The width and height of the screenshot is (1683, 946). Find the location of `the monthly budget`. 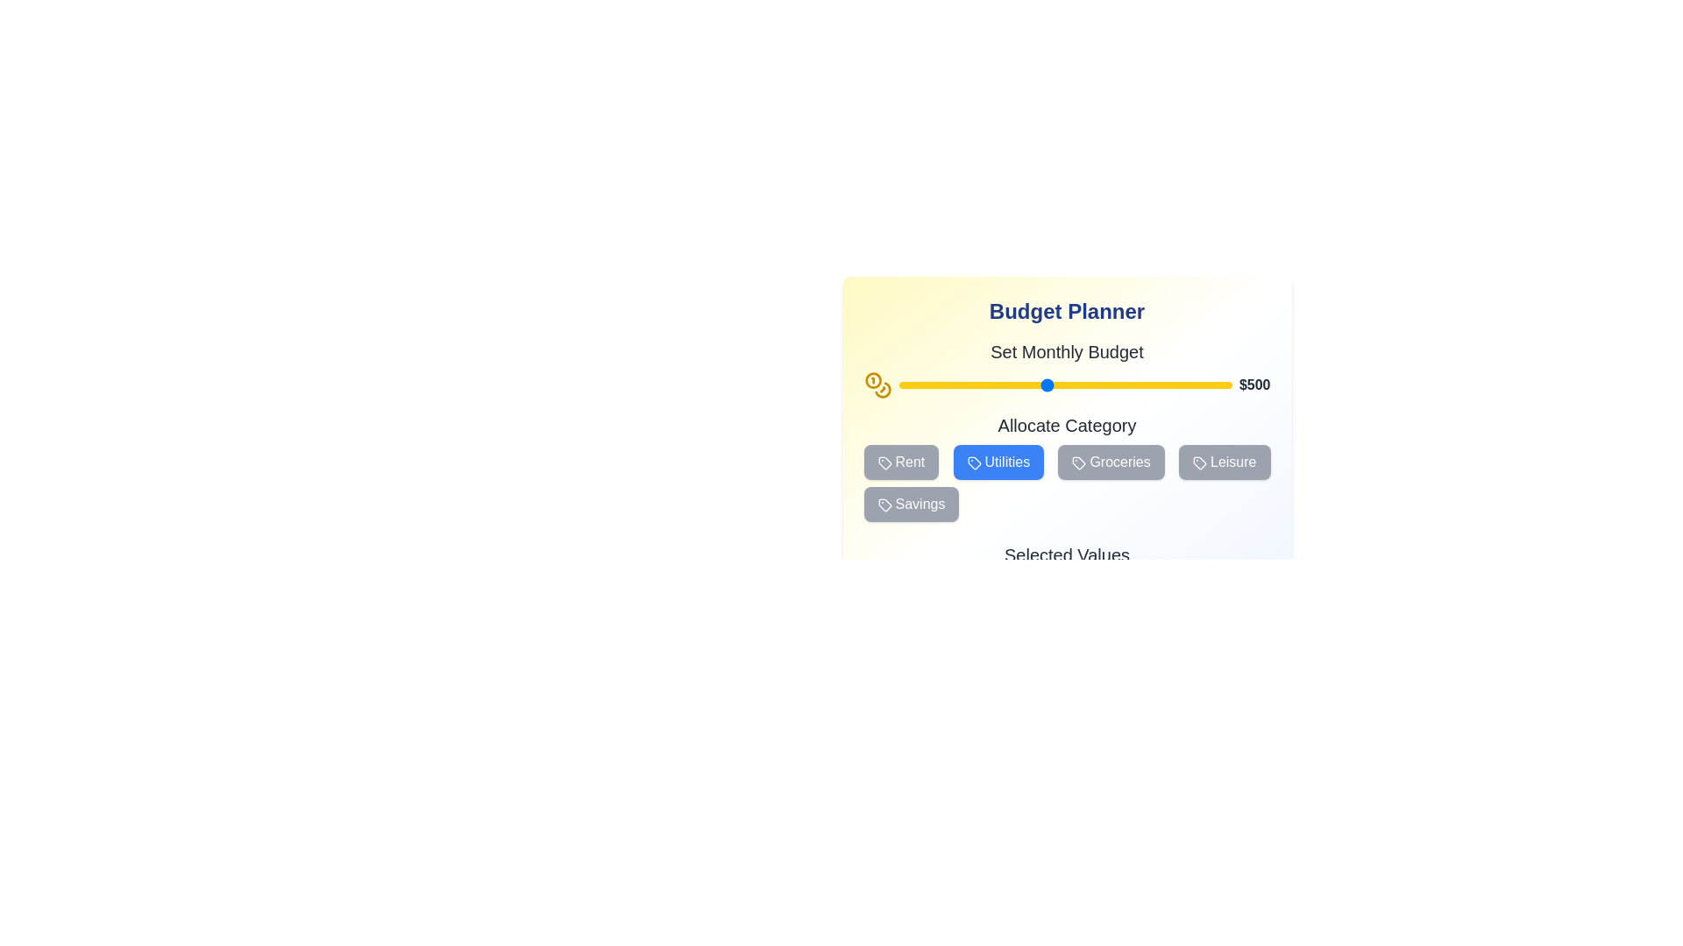

the monthly budget is located at coordinates (1060, 384).